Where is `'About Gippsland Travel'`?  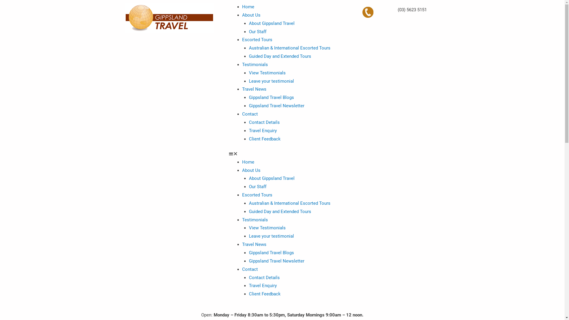
'About Gippsland Travel' is located at coordinates (271, 23).